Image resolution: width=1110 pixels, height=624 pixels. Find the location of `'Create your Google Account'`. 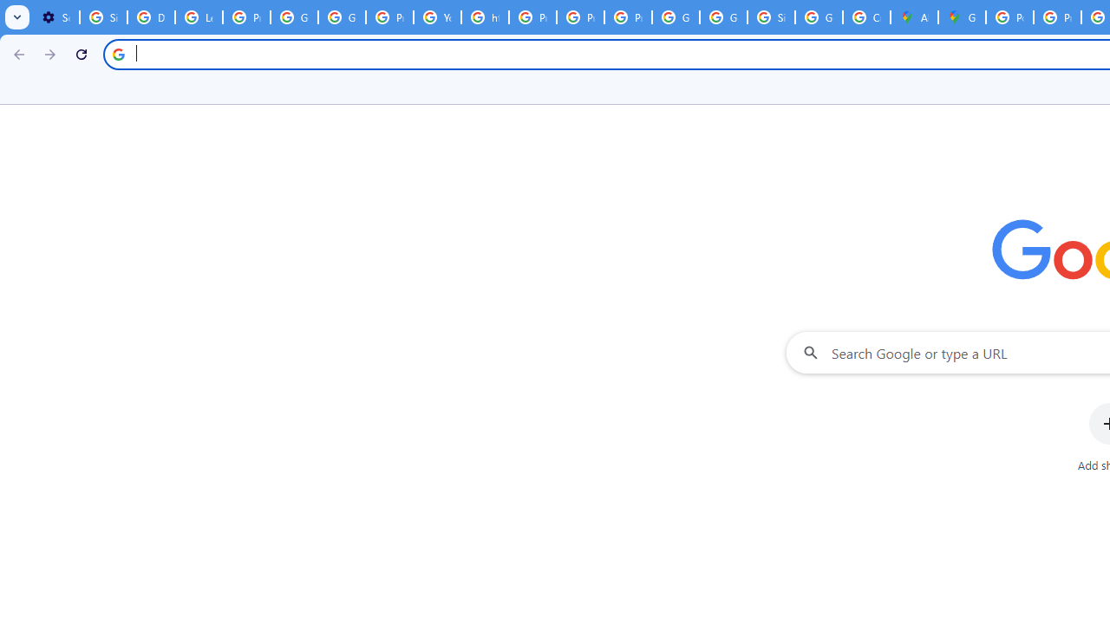

'Create your Google Account' is located at coordinates (866, 17).